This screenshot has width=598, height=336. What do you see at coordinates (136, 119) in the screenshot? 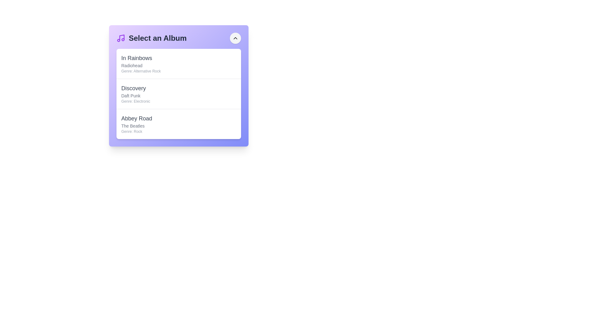
I see `text label displaying 'Abbey Road', which is styled with a medium-sized font and dark gray color, positioned above the text 'The Beatles' in the third group of items within a vertically oriented list` at bounding box center [136, 119].